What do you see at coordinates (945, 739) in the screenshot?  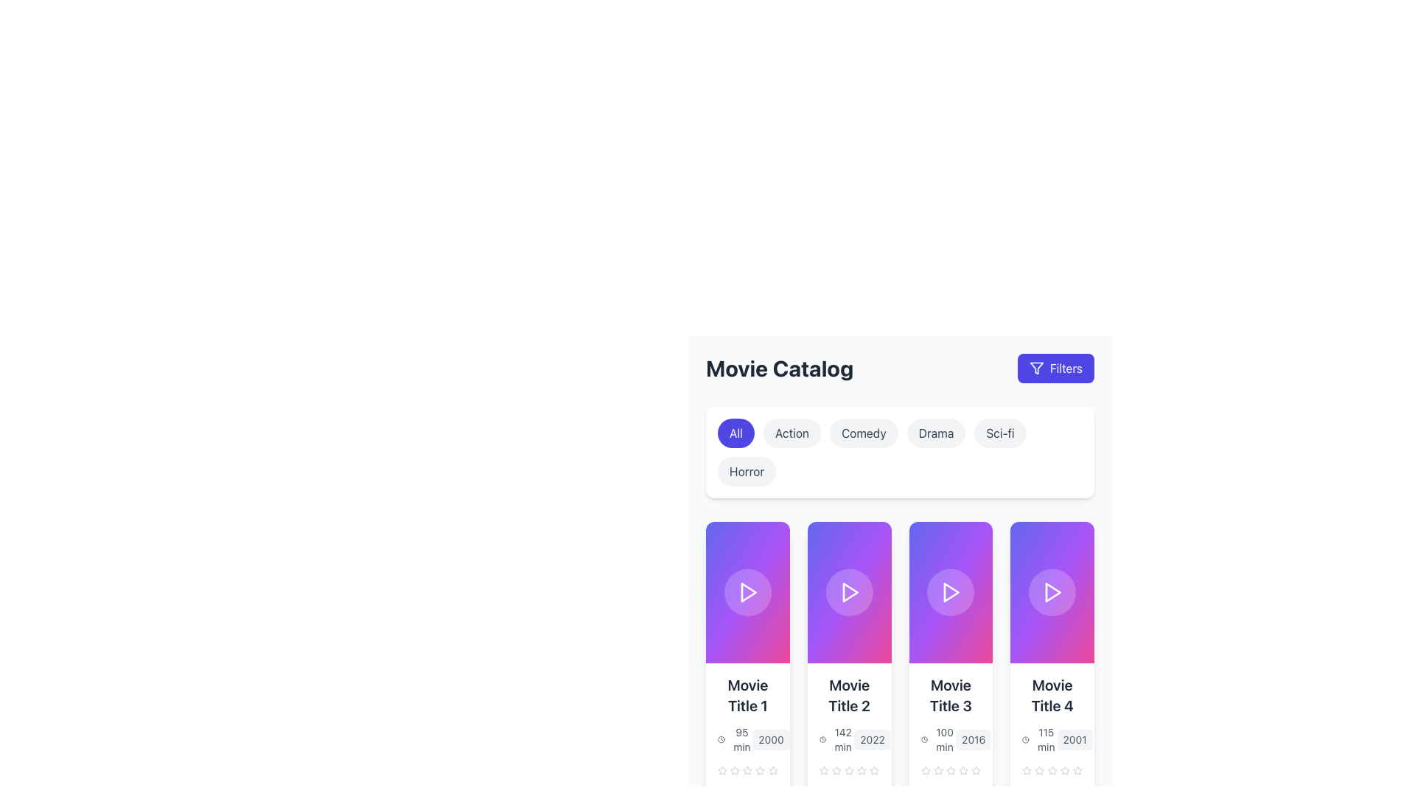 I see `the text label displaying the runtime of the movie in the lower section of the third movie card from the left, located beneath 'Movie Title 3'` at bounding box center [945, 739].